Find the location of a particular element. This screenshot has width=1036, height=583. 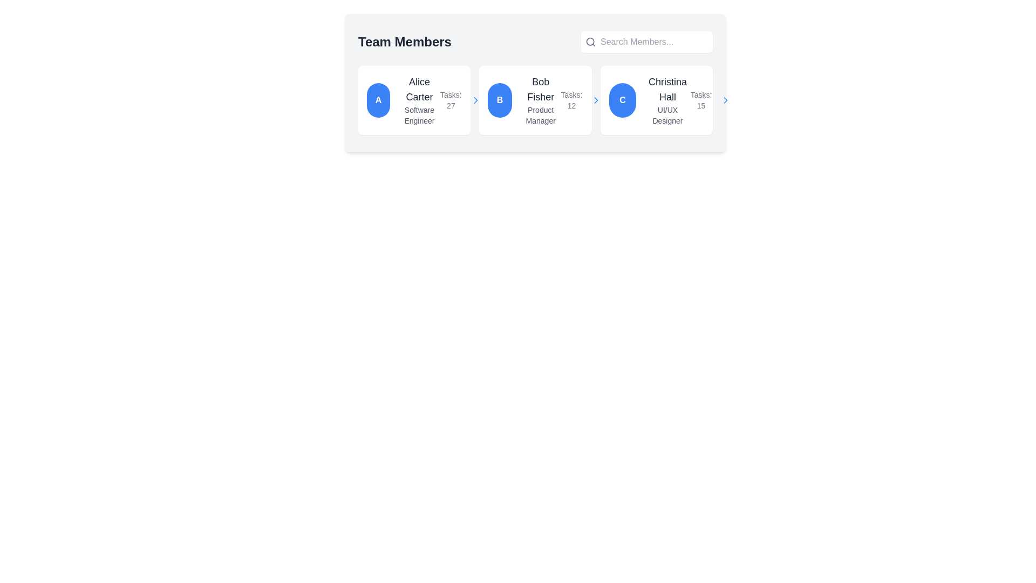

text content of the gray text block displaying 'Tasks: 12', located under the title 'Bob Fisher' in the second team member card is located at coordinates (571, 100).